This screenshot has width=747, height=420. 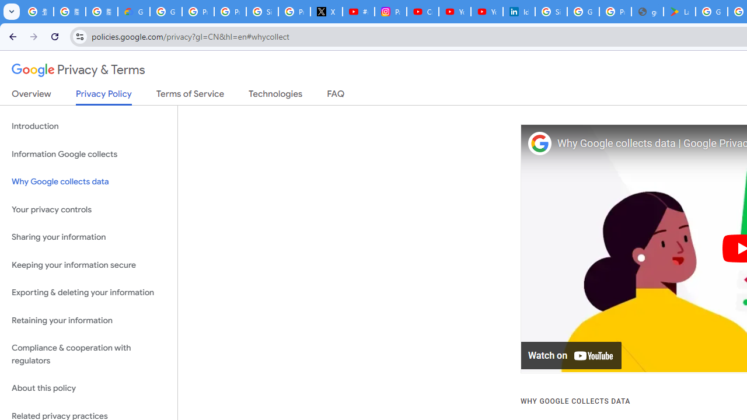 What do you see at coordinates (571, 355) in the screenshot?
I see `'Watch on YouTube'` at bounding box center [571, 355].